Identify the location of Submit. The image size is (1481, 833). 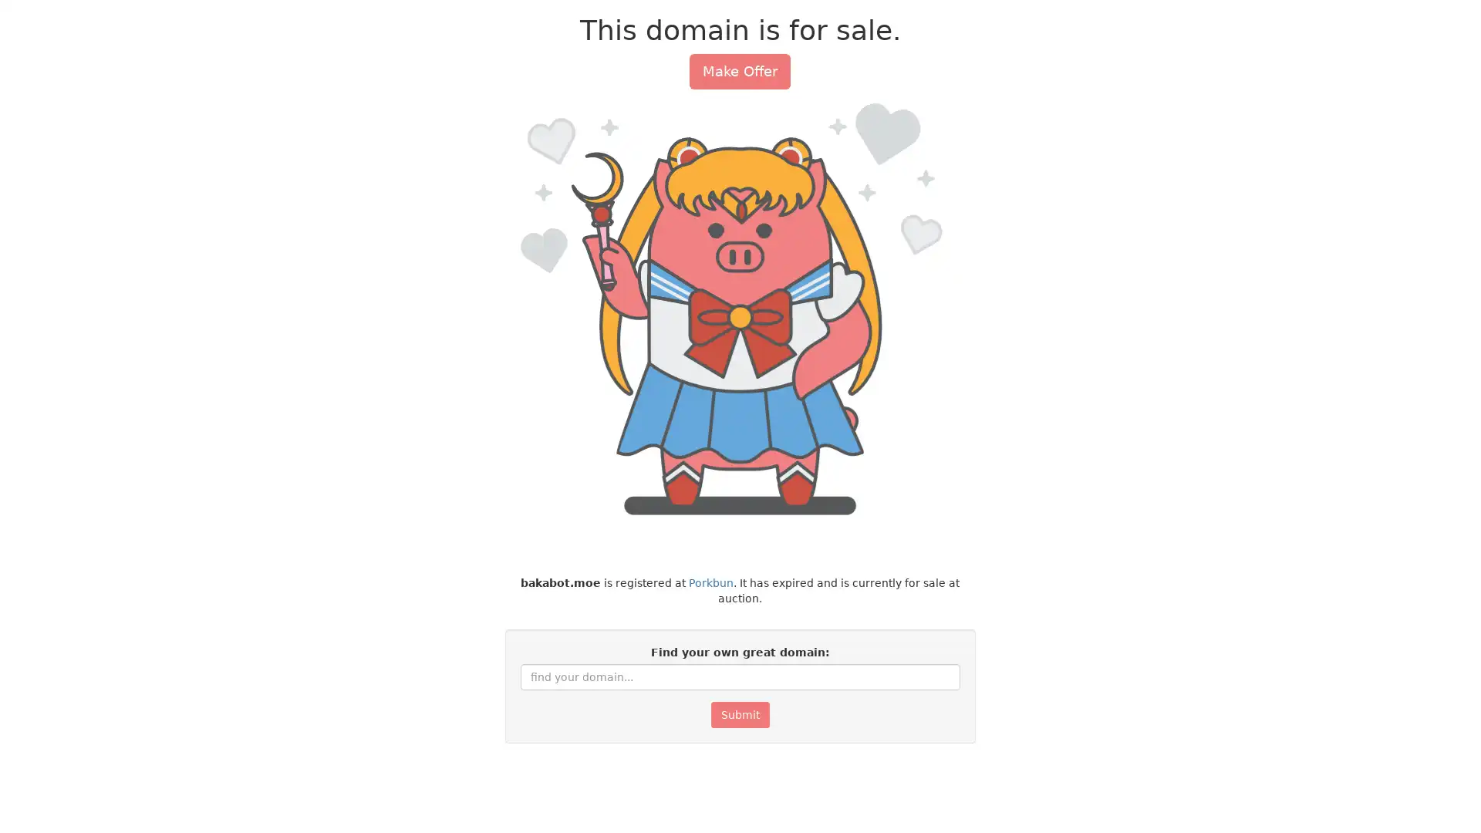
(739, 713).